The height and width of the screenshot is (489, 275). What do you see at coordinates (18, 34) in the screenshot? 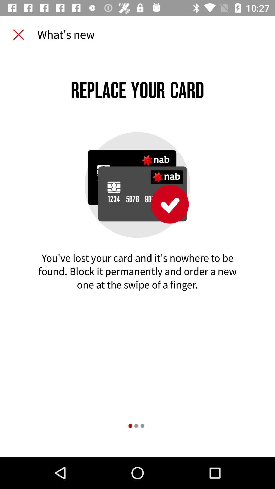
I see `item above replace your card` at bounding box center [18, 34].